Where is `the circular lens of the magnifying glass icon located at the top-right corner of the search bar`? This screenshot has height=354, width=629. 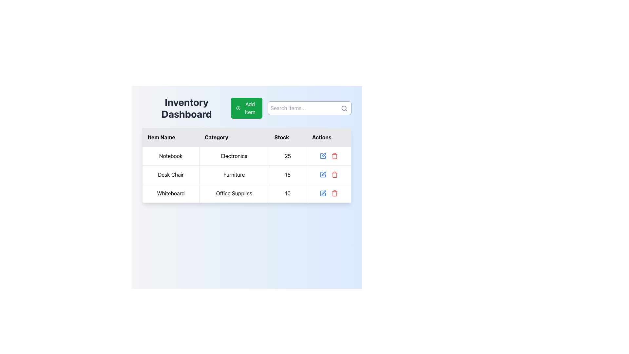
the circular lens of the magnifying glass icon located at the top-right corner of the search bar is located at coordinates (344, 108).